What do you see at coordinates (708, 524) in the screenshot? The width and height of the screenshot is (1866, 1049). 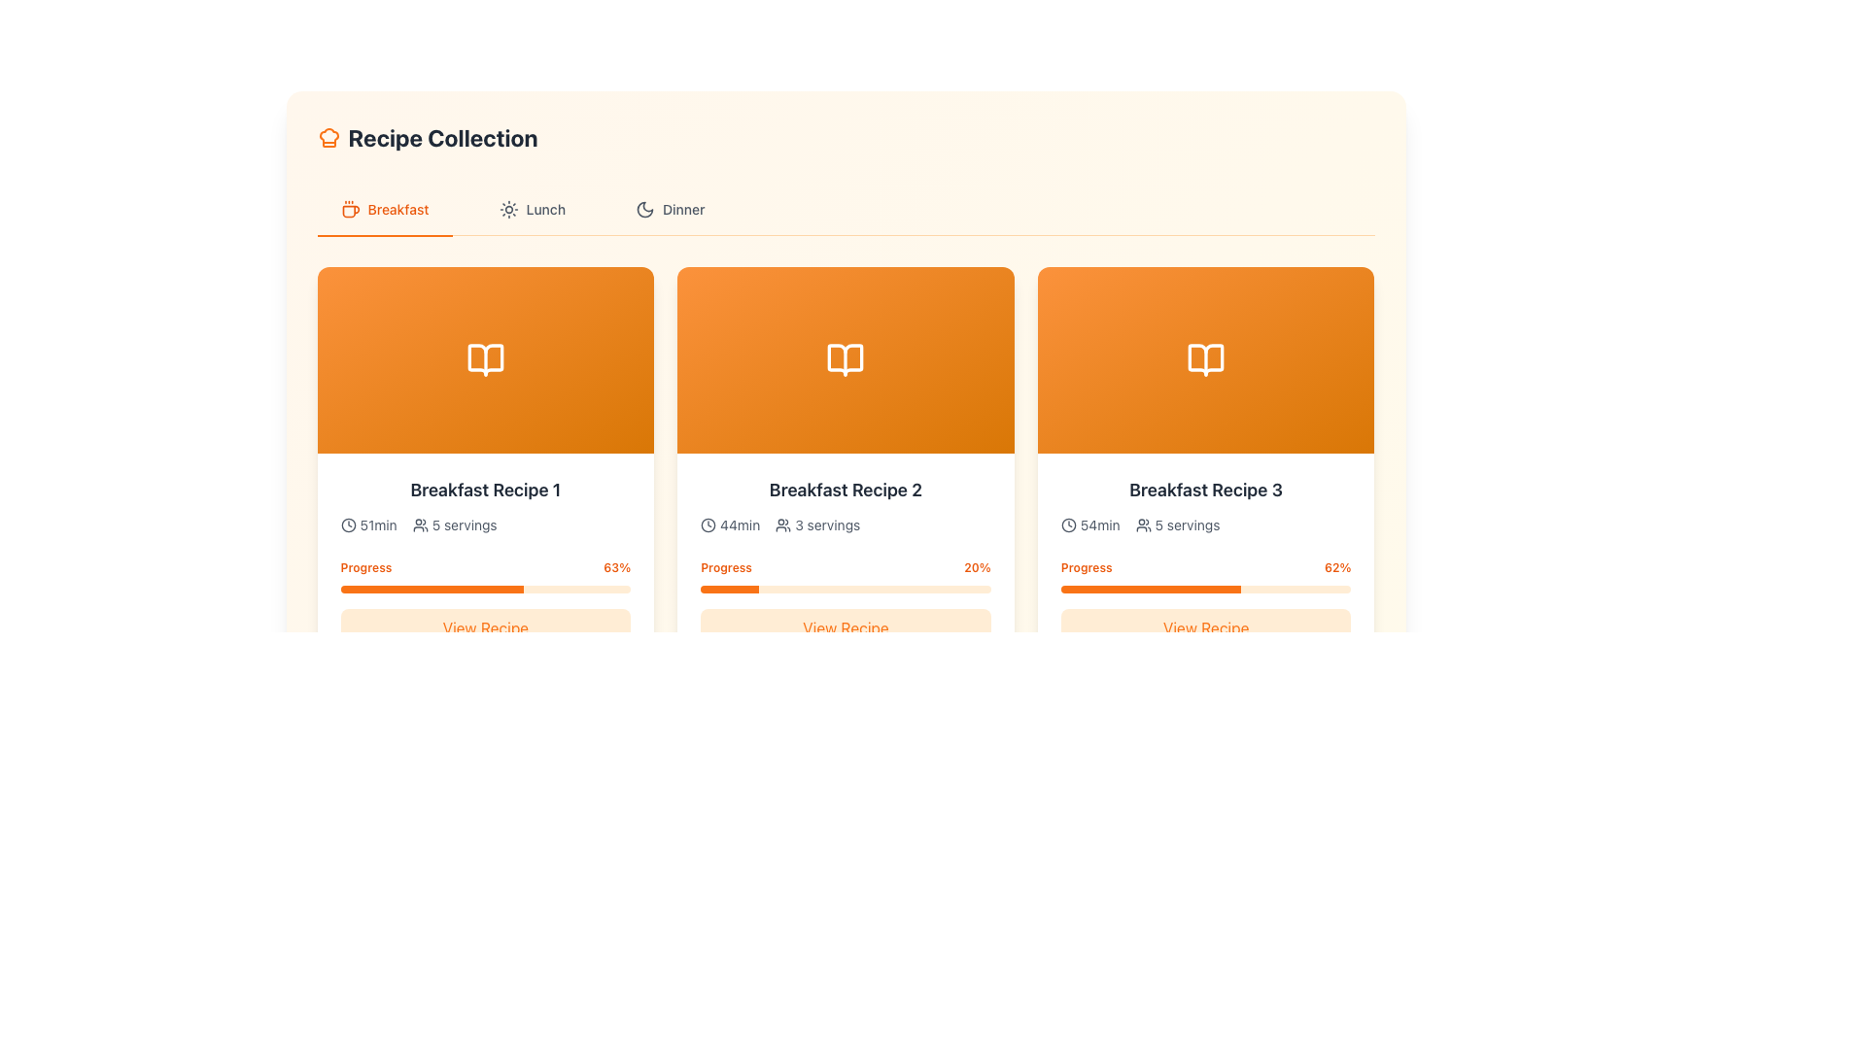 I see `the clock icon indicating time representation for the recipe, located to the left of the '44min' text in the recipe card` at bounding box center [708, 524].